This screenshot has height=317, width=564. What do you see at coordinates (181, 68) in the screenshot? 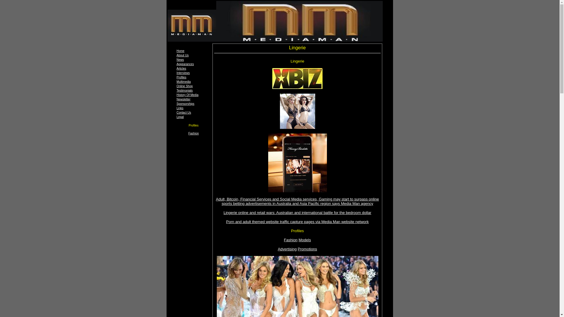
I see `'Articles'` at bounding box center [181, 68].